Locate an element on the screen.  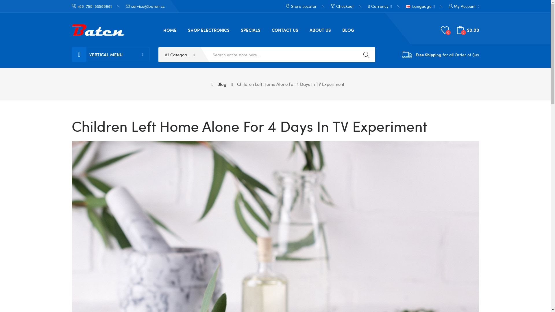
'CONTACT US' is located at coordinates (266, 30).